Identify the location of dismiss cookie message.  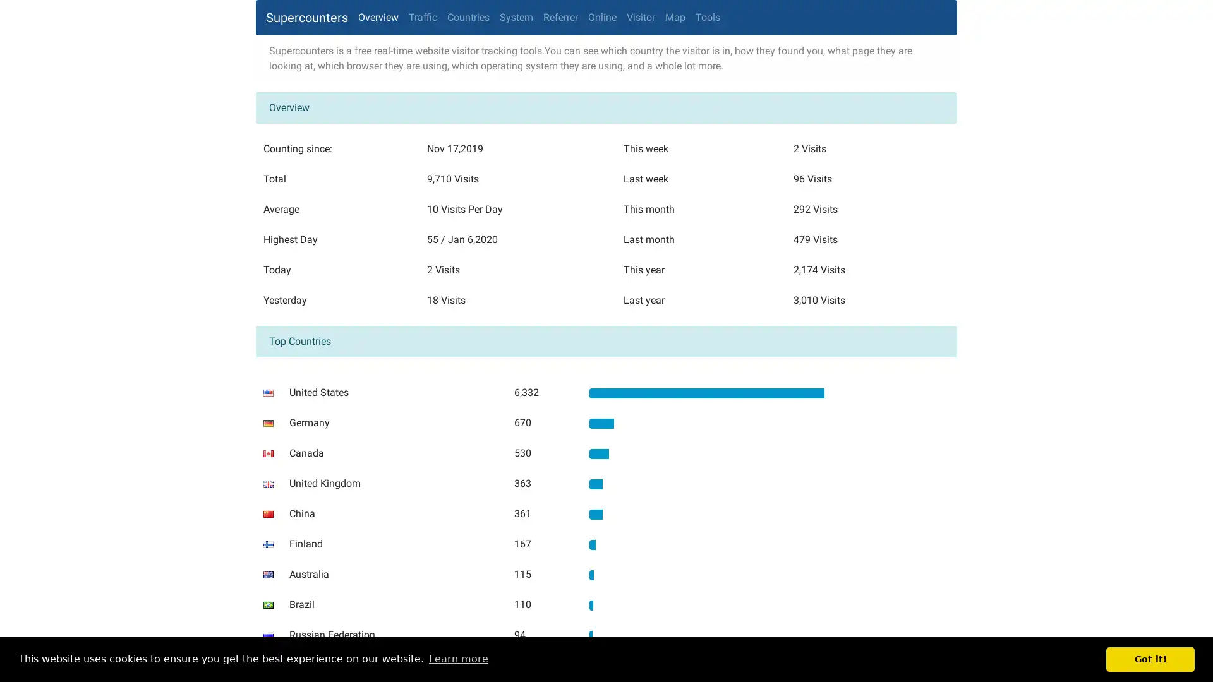
(1150, 659).